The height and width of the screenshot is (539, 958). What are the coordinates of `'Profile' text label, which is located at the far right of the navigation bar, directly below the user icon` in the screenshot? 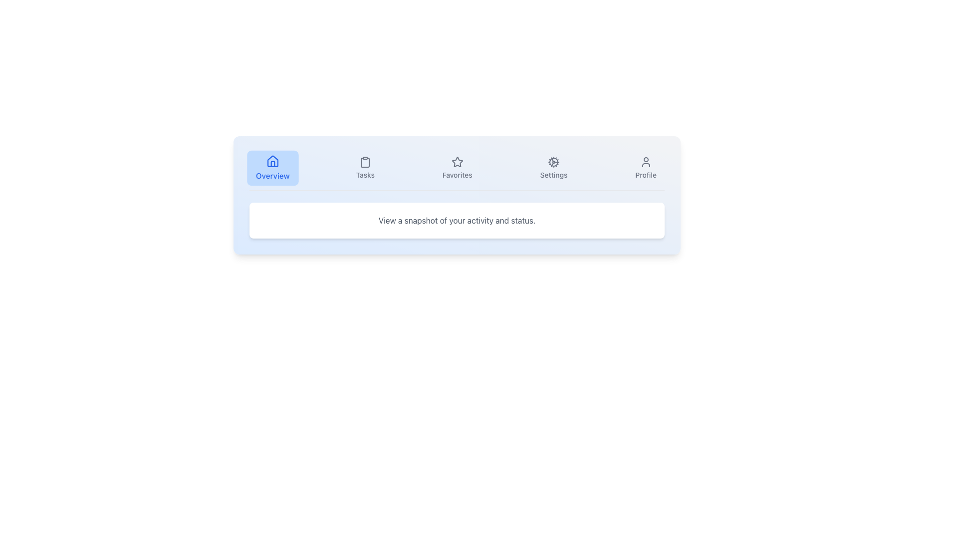 It's located at (646, 175).